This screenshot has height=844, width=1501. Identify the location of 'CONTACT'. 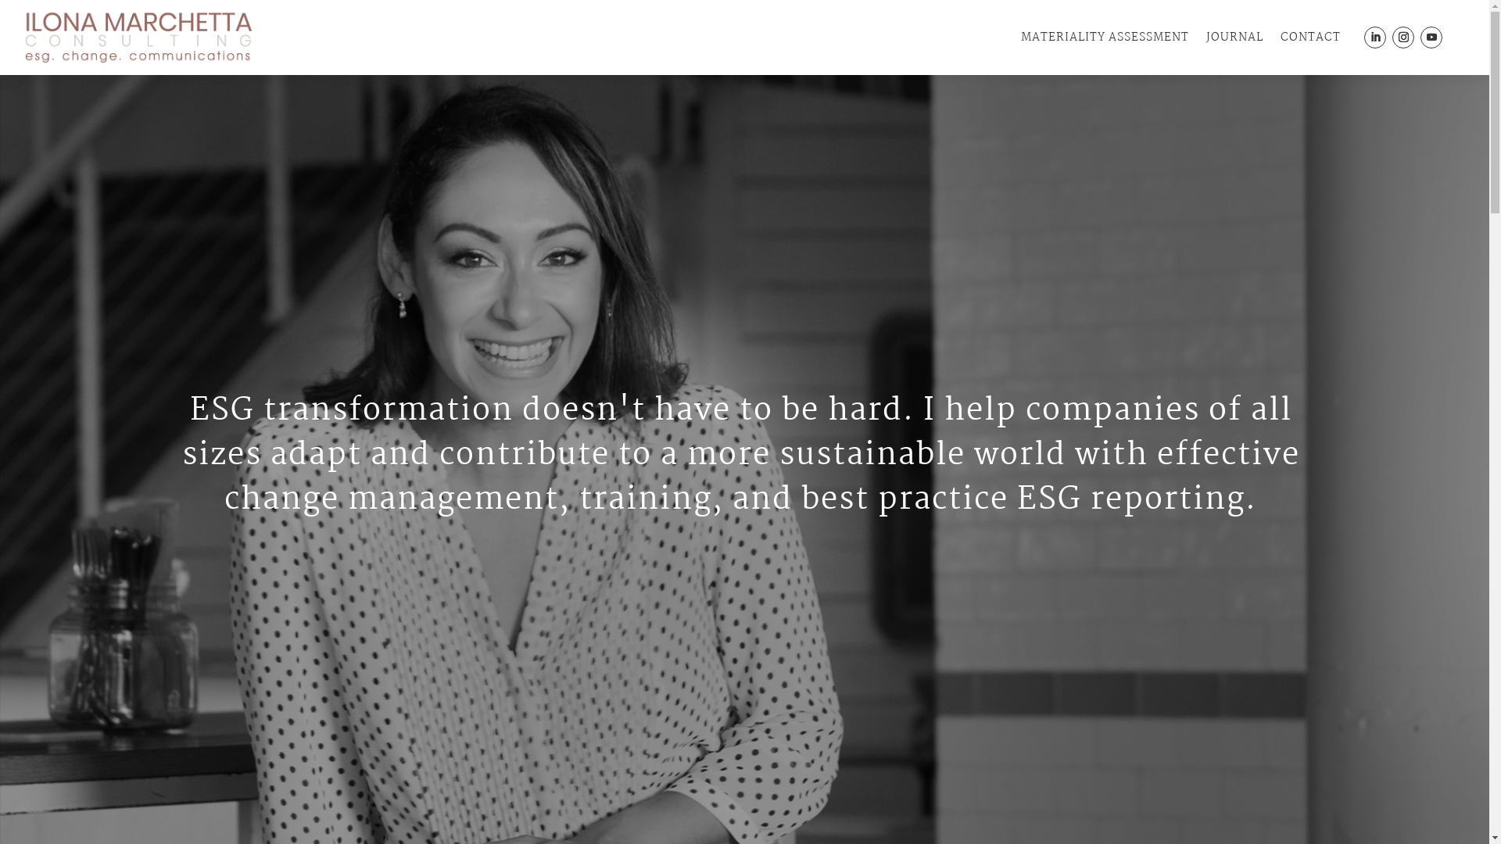
(1280, 36).